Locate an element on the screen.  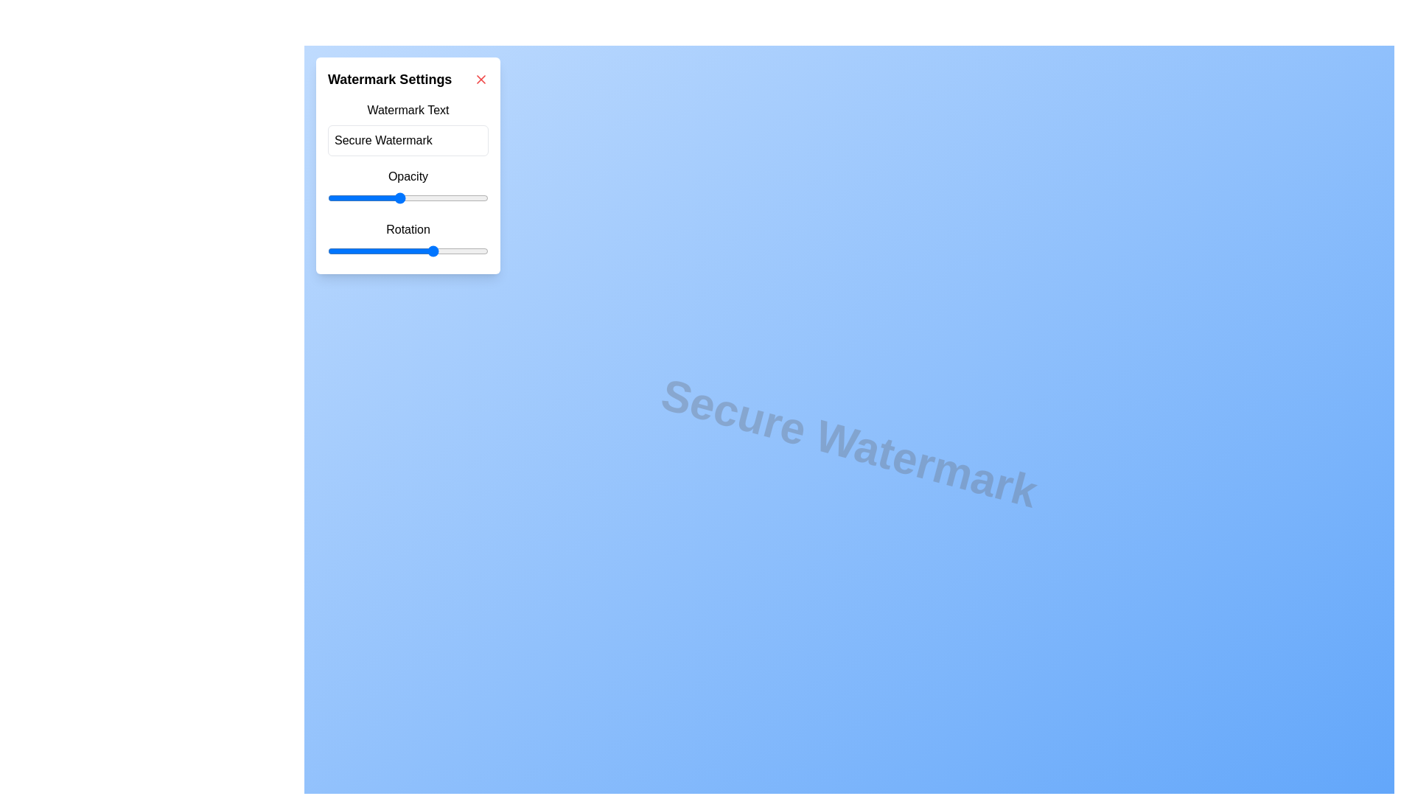
the rotation is located at coordinates (402, 250).